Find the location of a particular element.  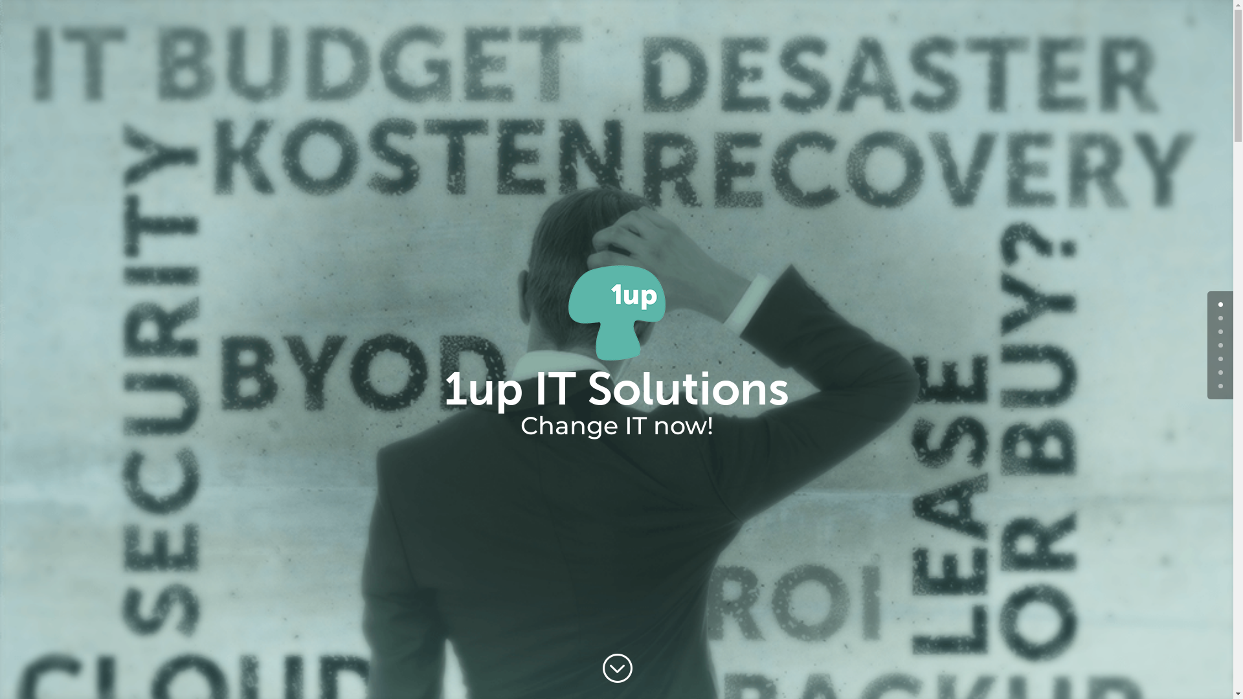

'4' is located at coordinates (1220, 359).